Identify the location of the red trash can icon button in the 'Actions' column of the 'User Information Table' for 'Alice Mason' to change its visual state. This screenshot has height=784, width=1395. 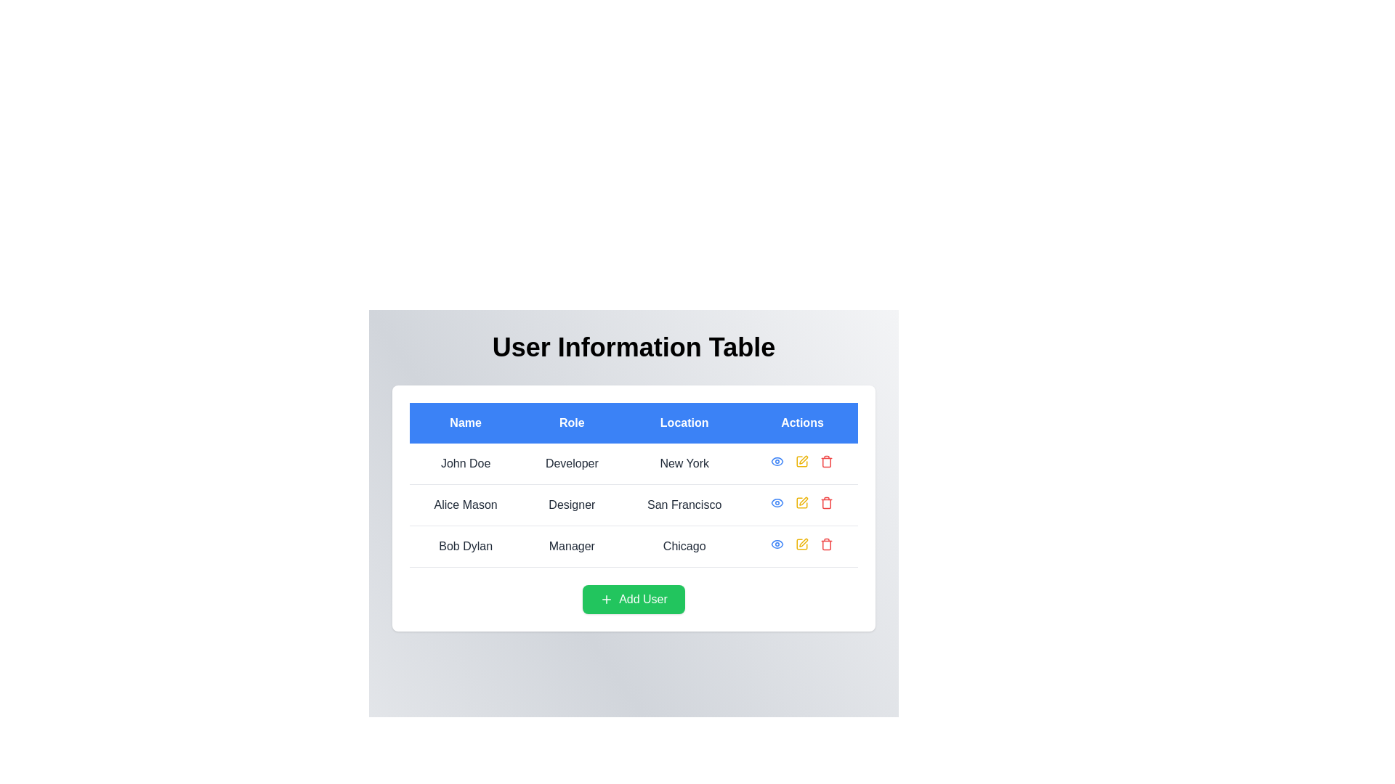
(827, 502).